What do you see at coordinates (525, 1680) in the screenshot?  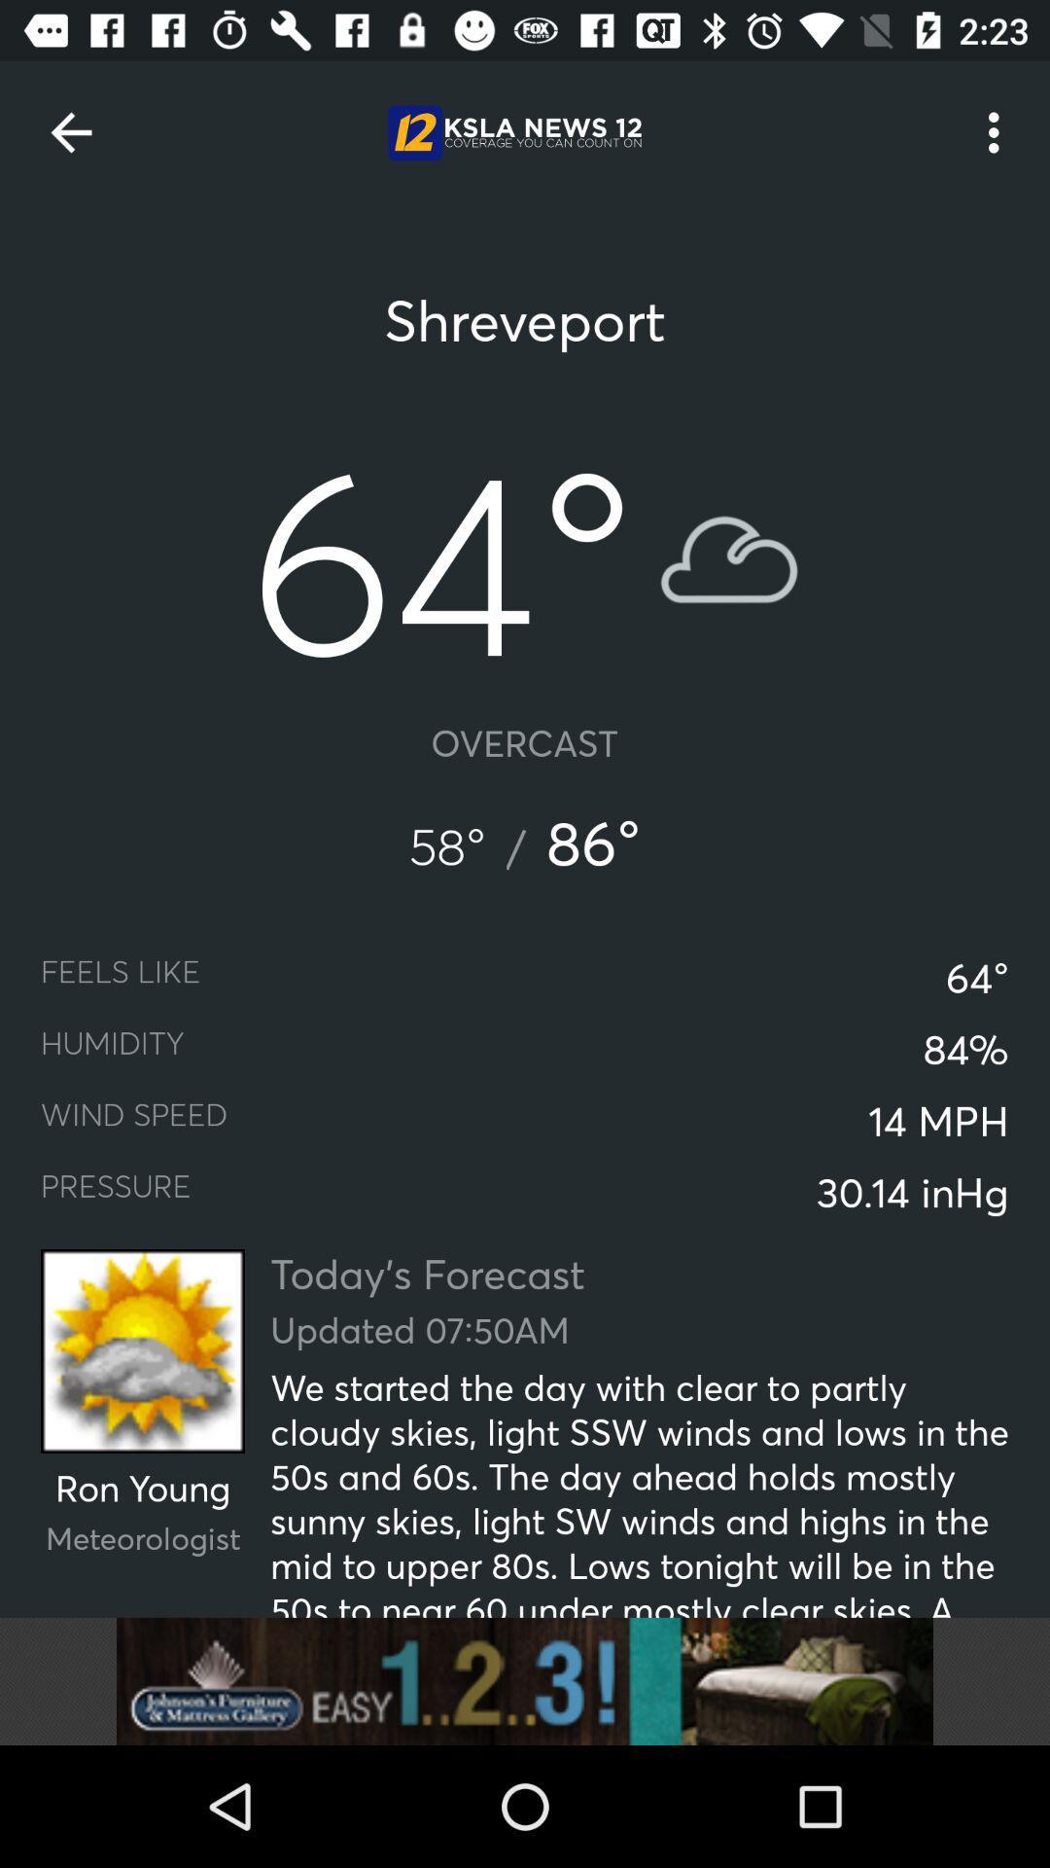 I see `advertisement page` at bounding box center [525, 1680].